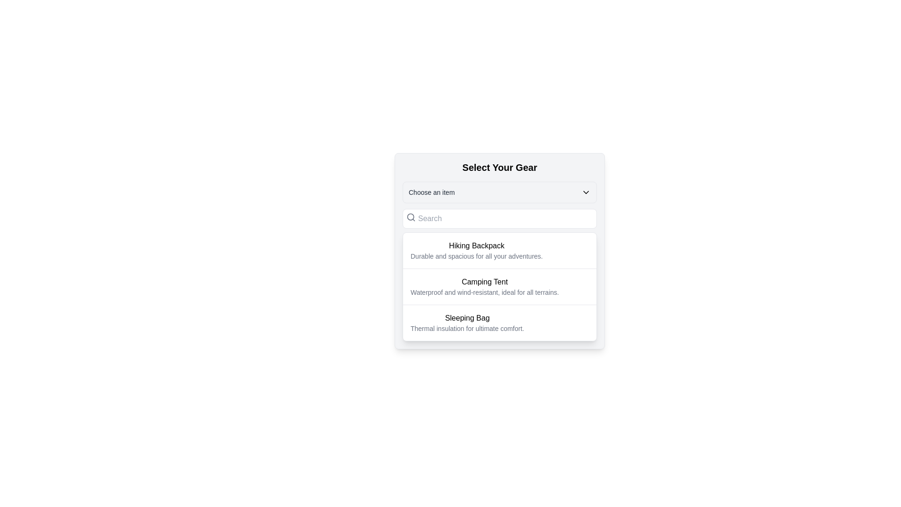  Describe the element at coordinates (467, 328) in the screenshot. I see `the descriptive text element located below the 'Sleeping Bag' title that provides information about its thermal insulation features` at that location.